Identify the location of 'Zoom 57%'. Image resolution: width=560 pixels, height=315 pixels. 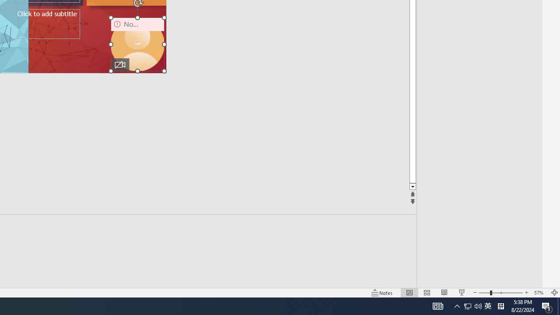
(539, 293).